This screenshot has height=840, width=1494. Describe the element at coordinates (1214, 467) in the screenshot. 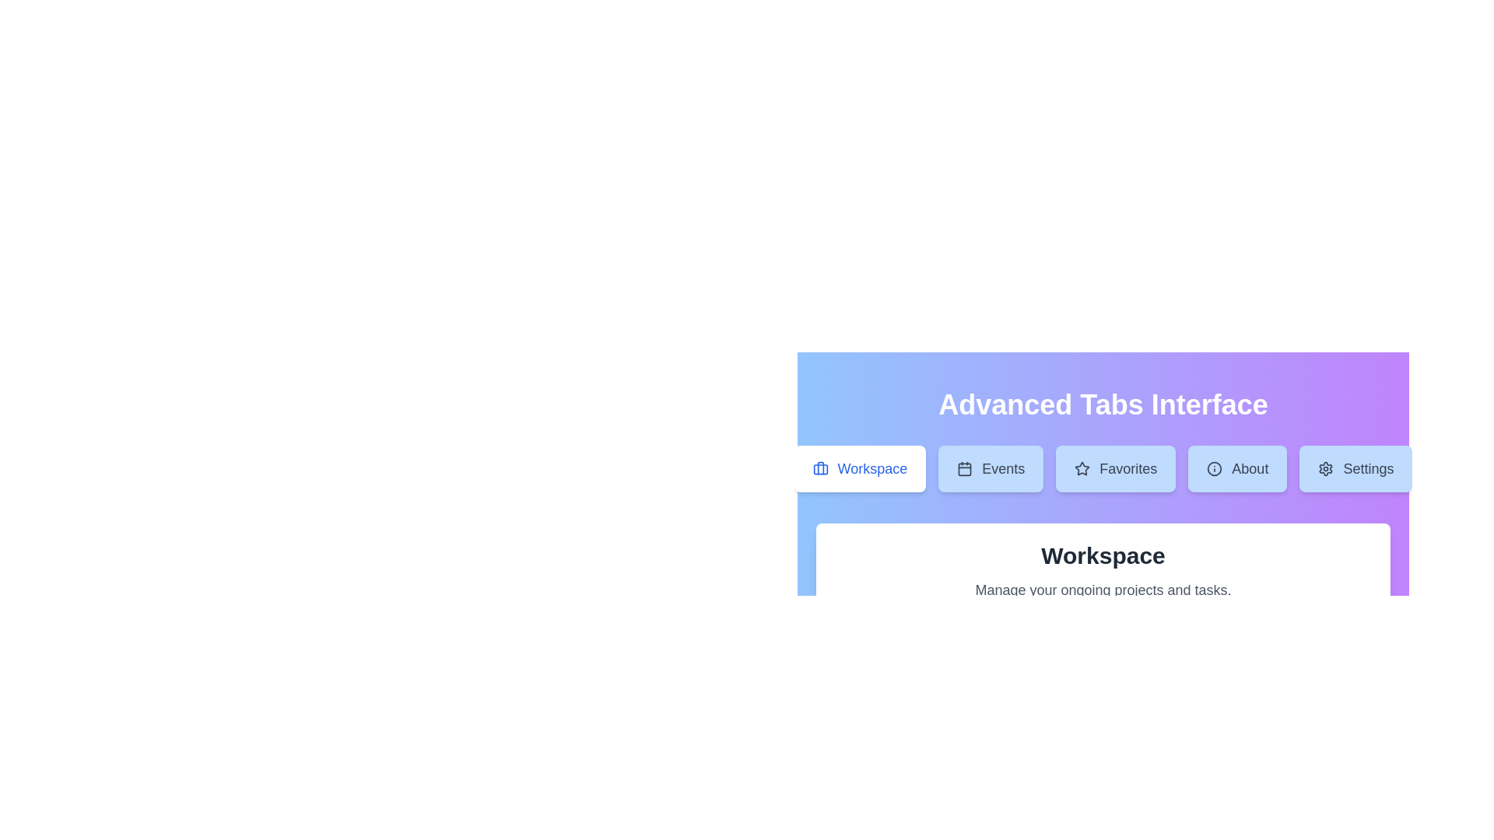

I see `the 'About' button by clicking on its icon located in the navigation bar, which is styled as a circular icon with a central dot and a vertical line below it` at that location.